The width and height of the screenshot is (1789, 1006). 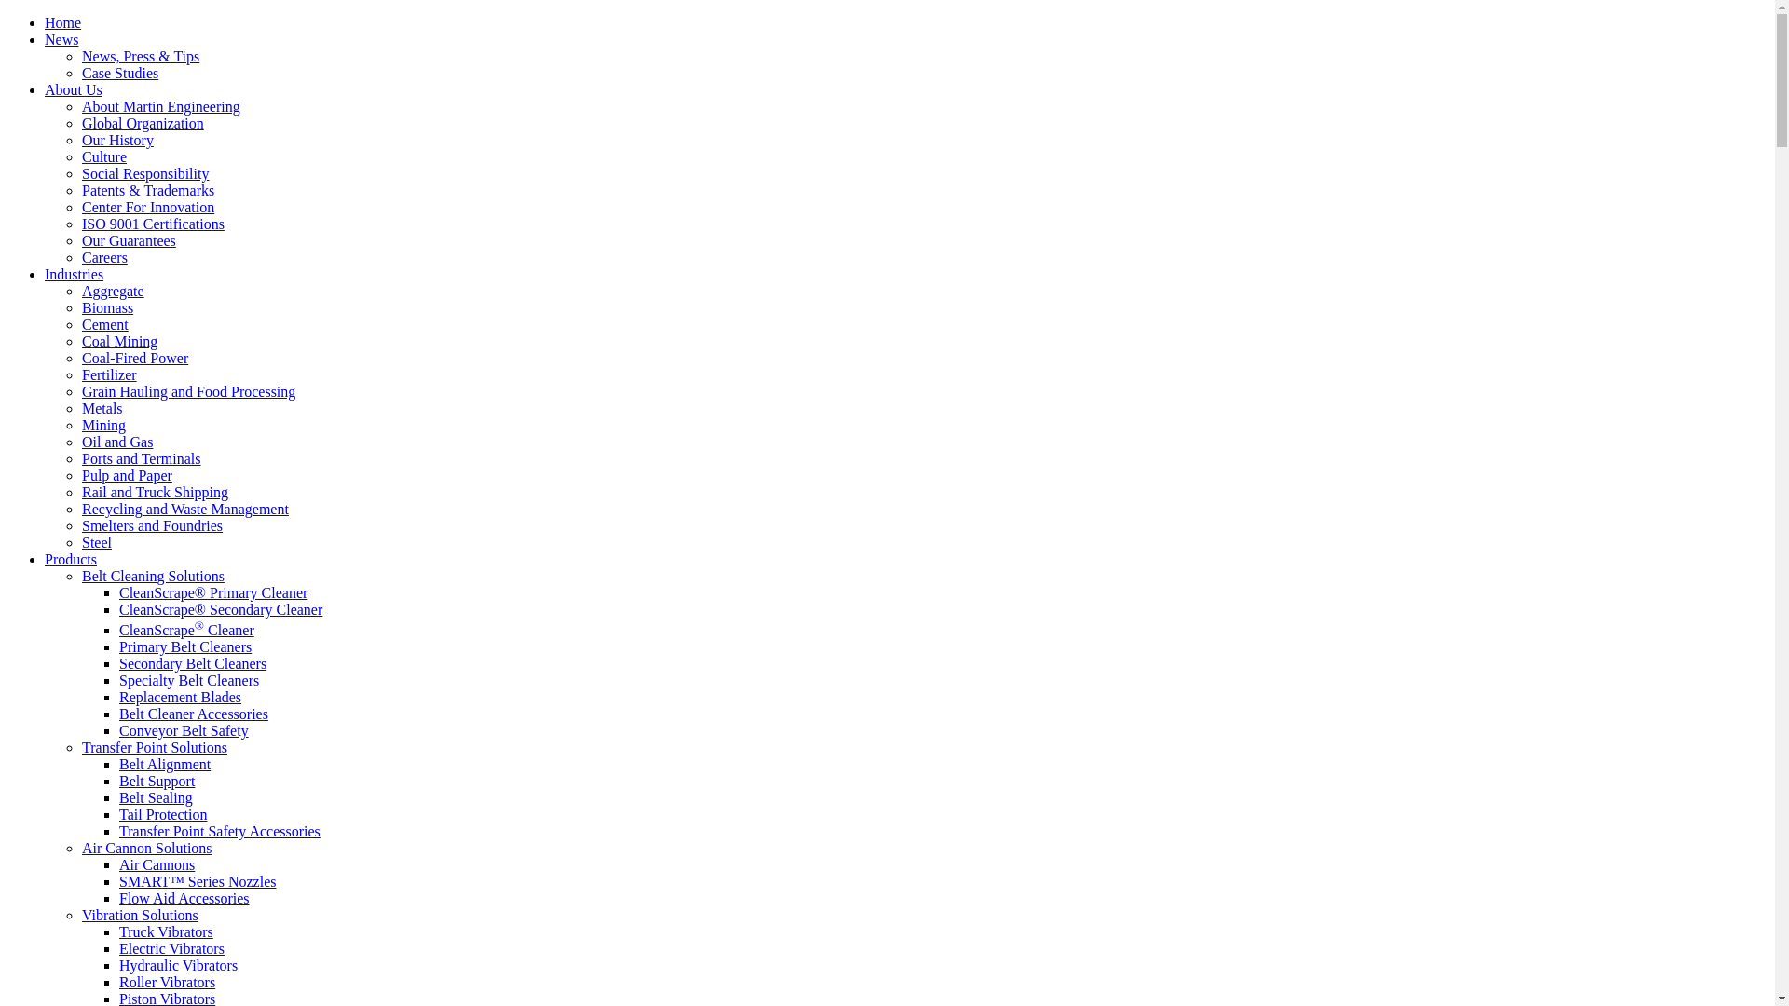 What do you see at coordinates (165, 764) in the screenshot?
I see `'Belt Alignment'` at bounding box center [165, 764].